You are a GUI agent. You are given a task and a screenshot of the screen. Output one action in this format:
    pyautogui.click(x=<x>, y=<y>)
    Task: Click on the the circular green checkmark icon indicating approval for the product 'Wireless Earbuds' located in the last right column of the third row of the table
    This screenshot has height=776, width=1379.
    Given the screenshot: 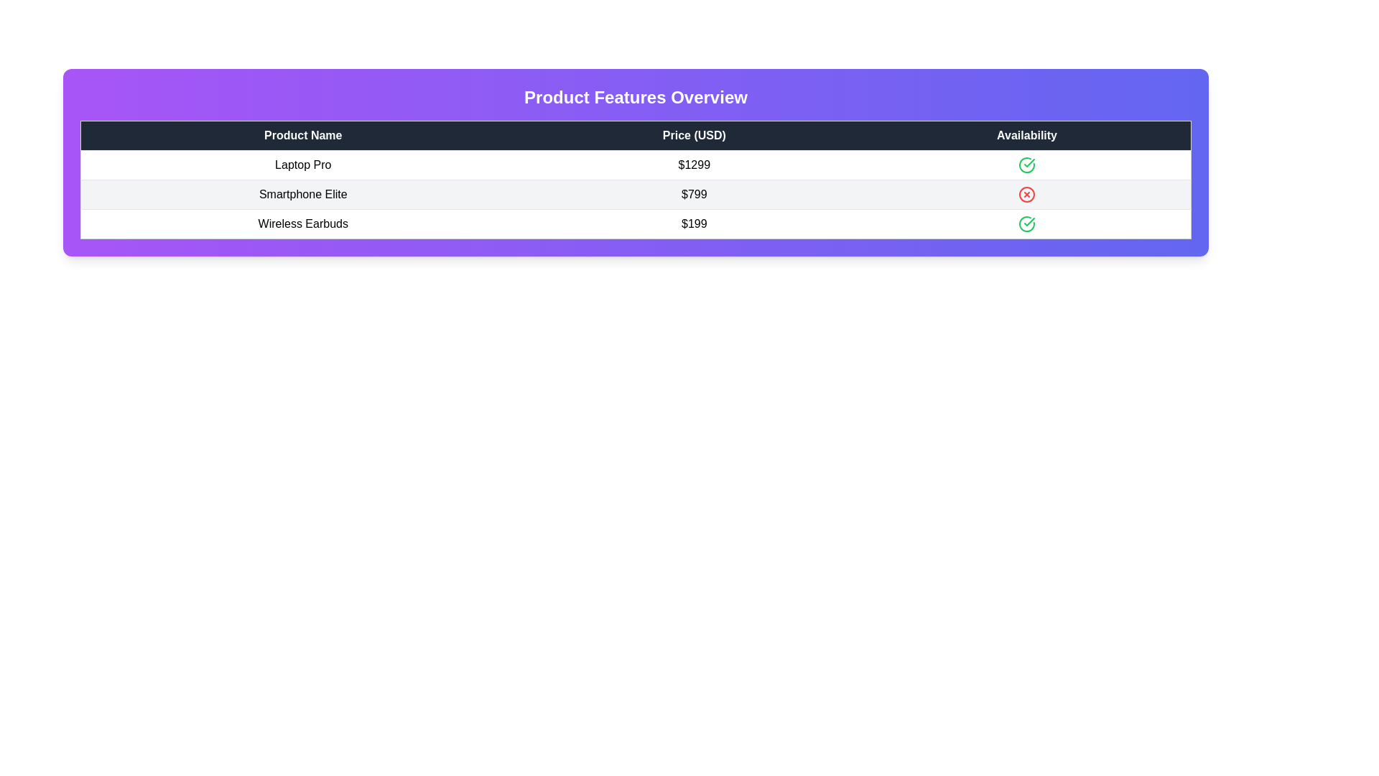 What is the action you would take?
    pyautogui.click(x=1026, y=224)
    